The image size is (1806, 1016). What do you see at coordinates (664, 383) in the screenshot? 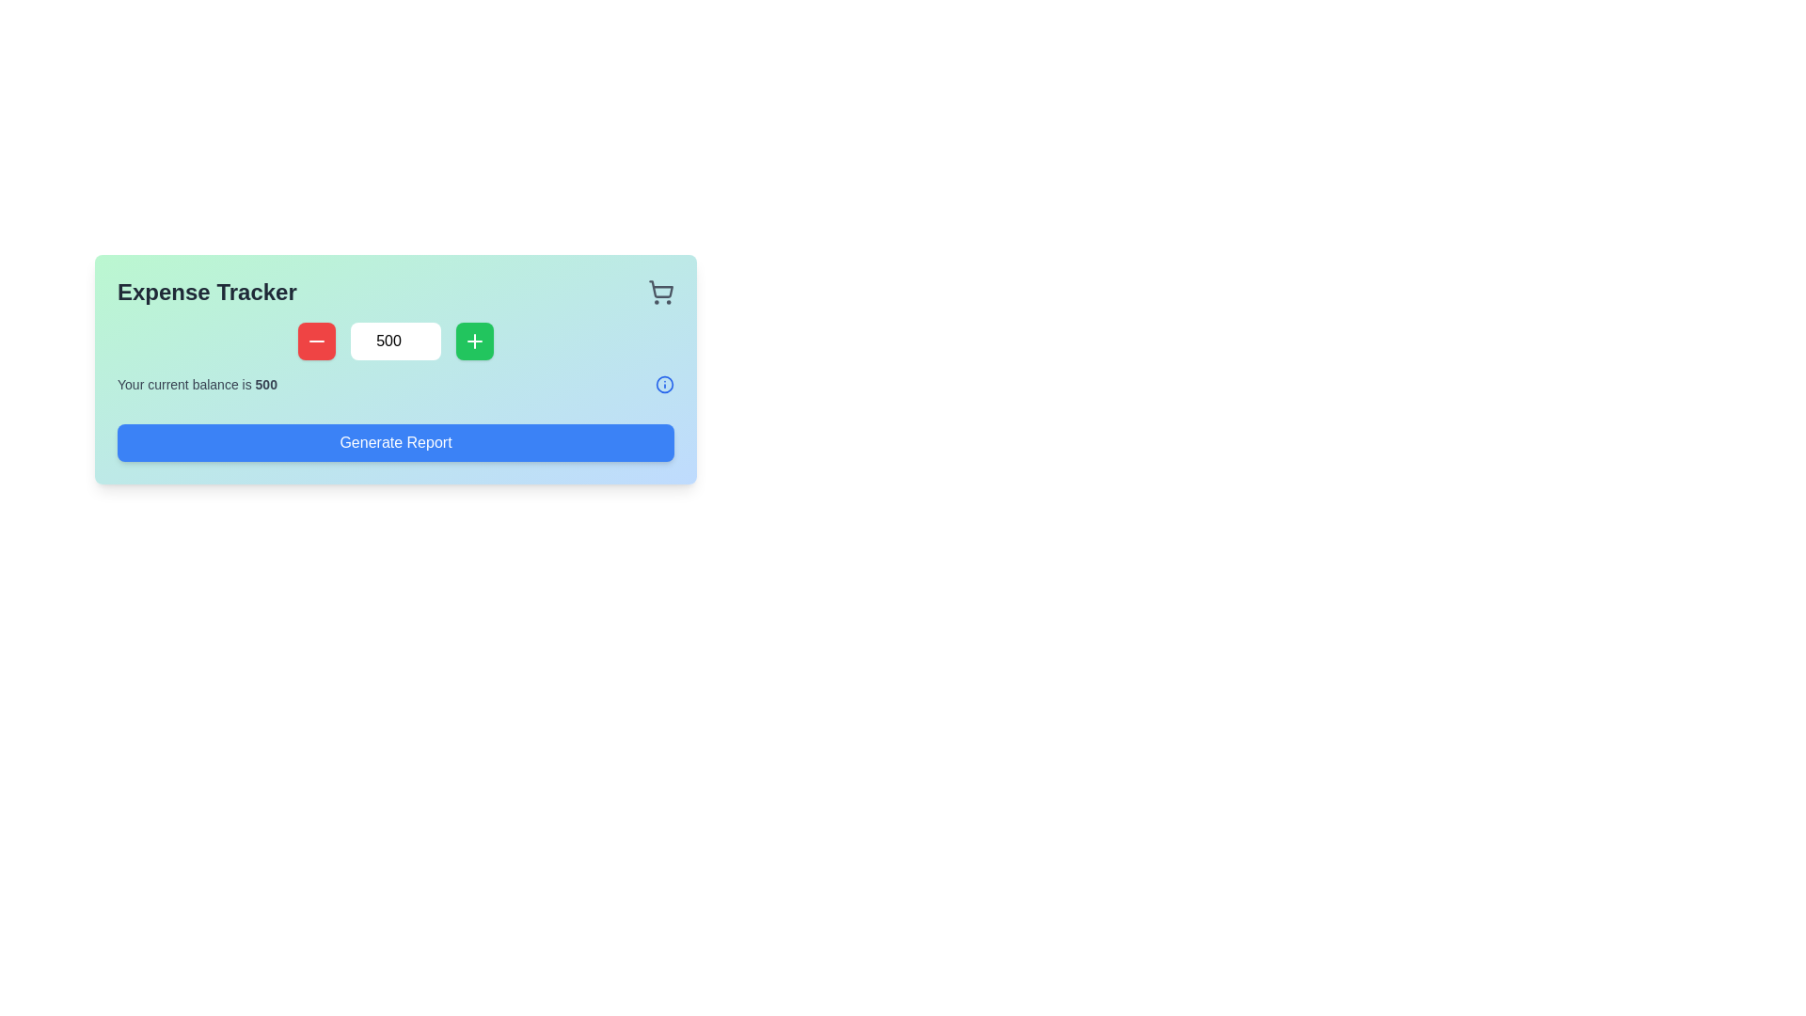
I see `decorative vector graphic icon located in the lower right quadrant of the main interface view, which is part of a grouped set of thematic elements` at bounding box center [664, 383].